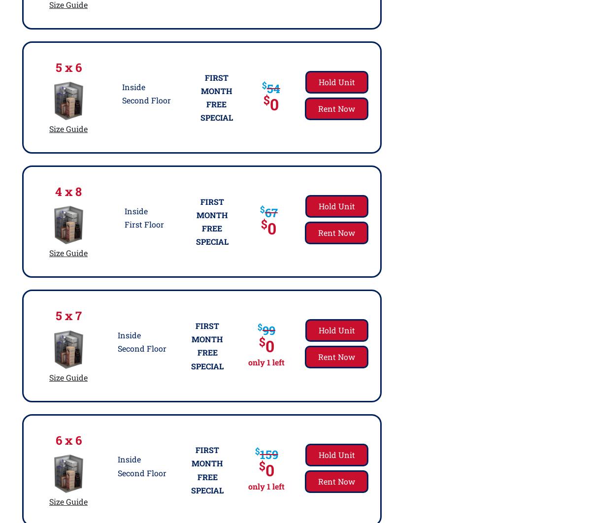  I want to click on 'First Floor', so click(124, 224).